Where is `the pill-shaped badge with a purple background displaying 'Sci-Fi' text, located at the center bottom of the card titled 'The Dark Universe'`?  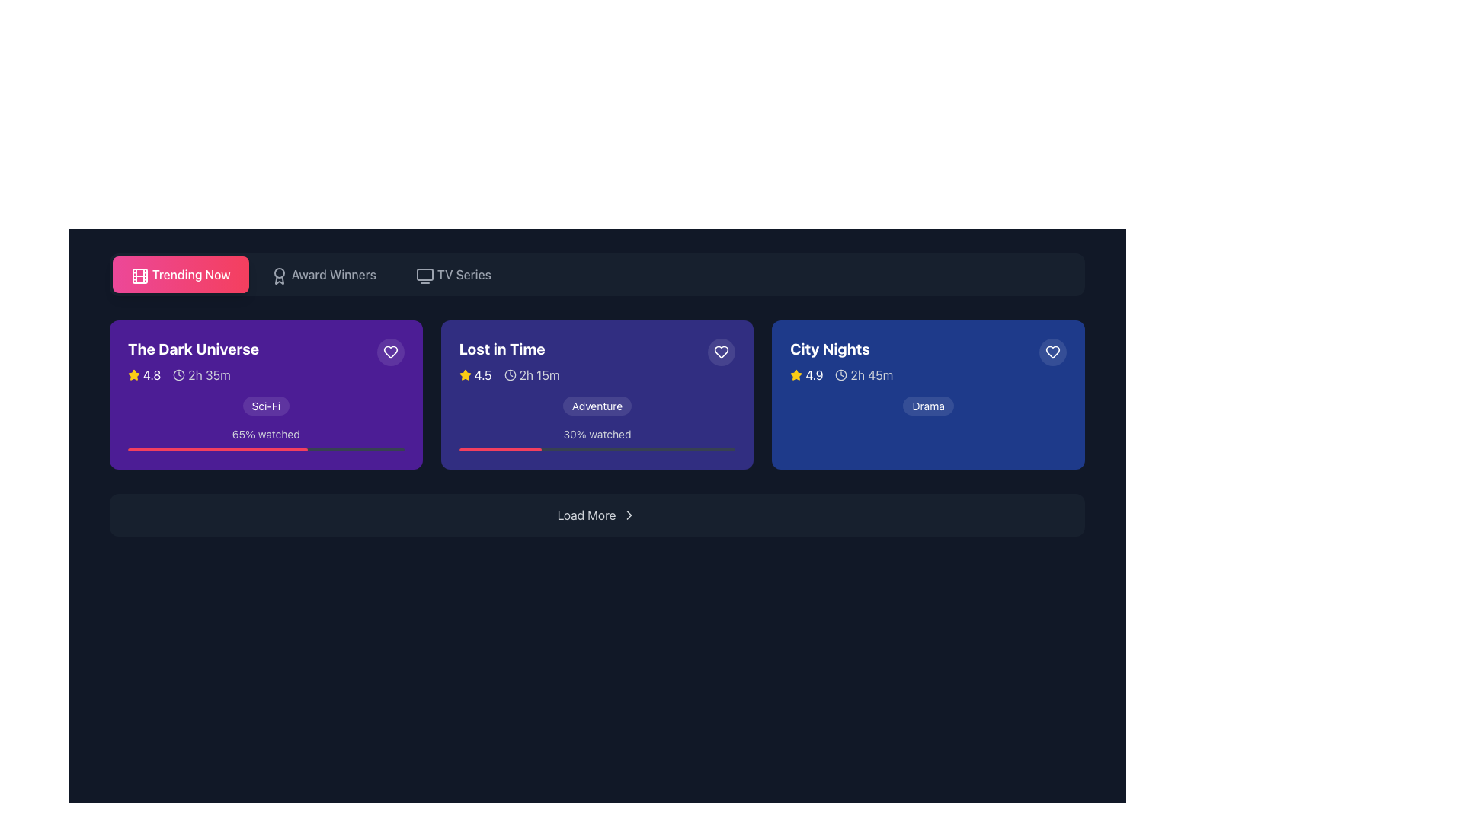
the pill-shaped badge with a purple background displaying 'Sci-Fi' text, located at the center bottom of the card titled 'The Dark Universe' is located at coordinates (266, 405).